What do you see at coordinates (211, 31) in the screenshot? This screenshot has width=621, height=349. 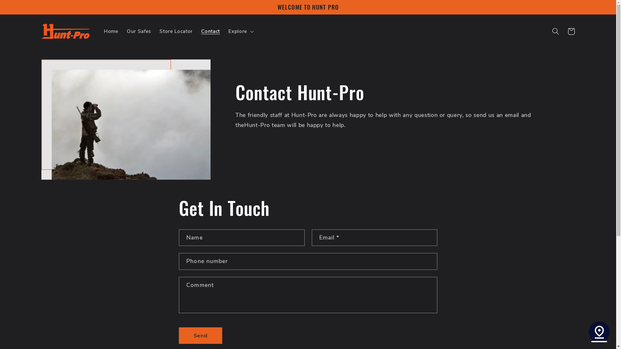 I see `'Contact'` at bounding box center [211, 31].